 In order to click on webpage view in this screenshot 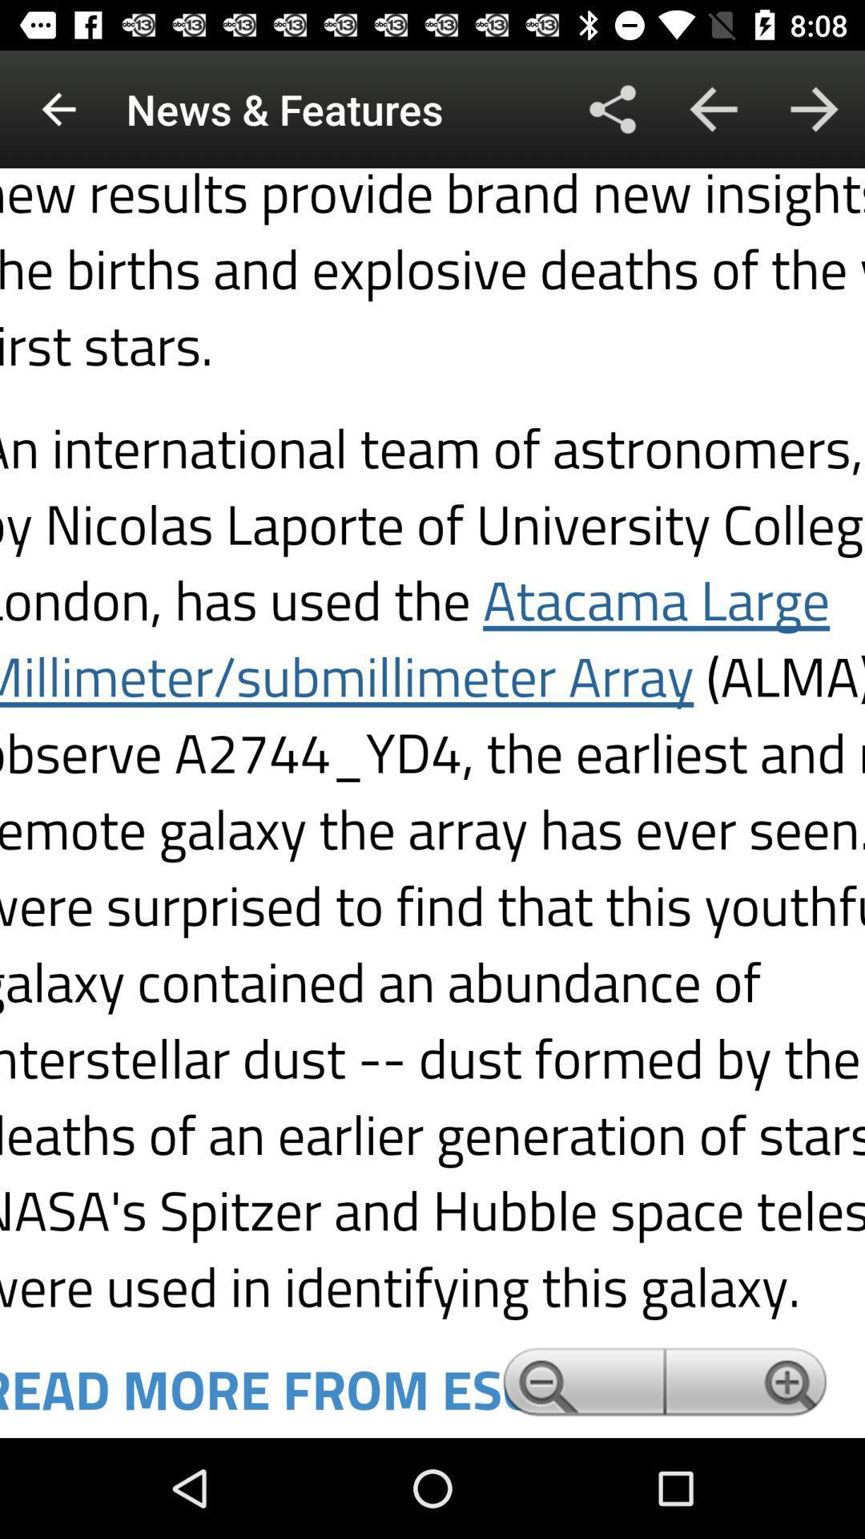, I will do `click(432, 803)`.